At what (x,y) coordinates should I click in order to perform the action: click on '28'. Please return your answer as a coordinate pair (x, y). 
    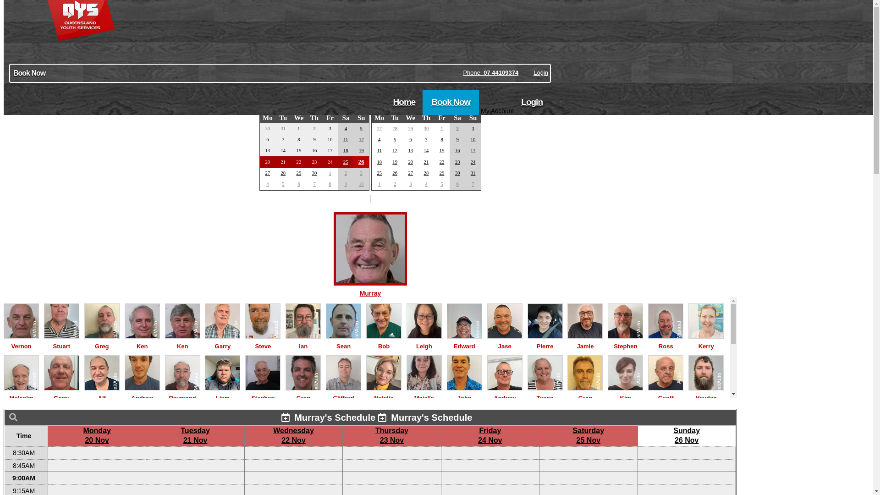
    Looking at the image, I should click on (282, 173).